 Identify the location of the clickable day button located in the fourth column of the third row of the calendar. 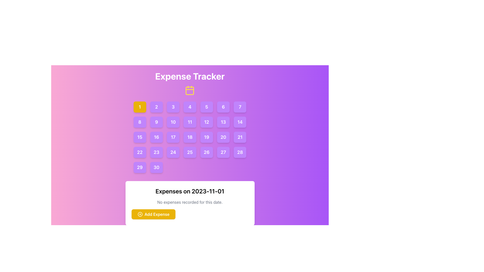
(190, 137).